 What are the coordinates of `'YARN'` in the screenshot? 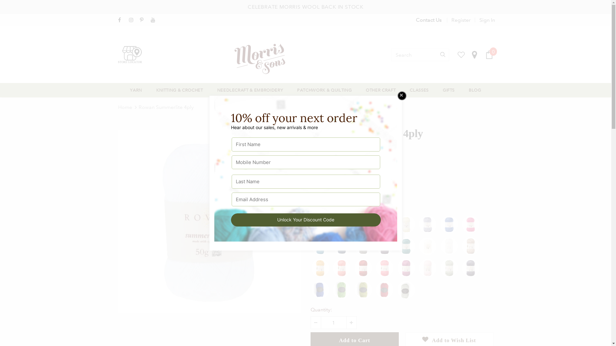 It's located at (135, 90).